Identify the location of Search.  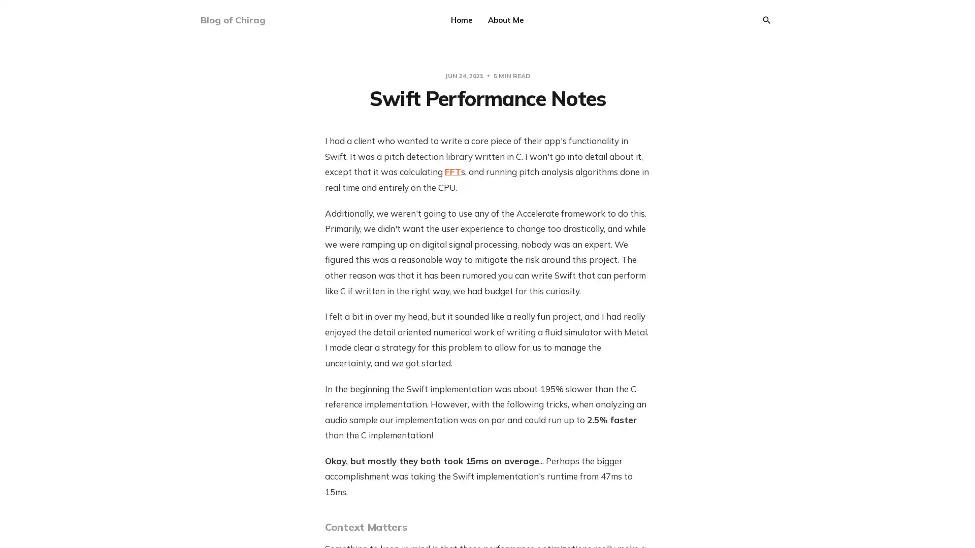
(767, 20).